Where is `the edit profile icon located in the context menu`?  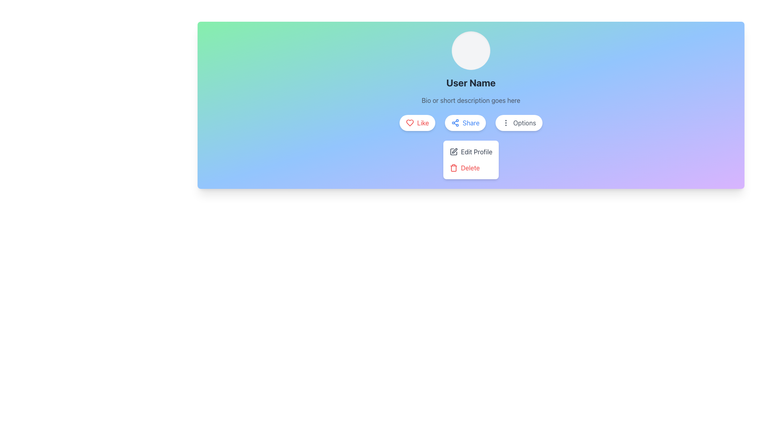 the edit profile icon located in the context menu is located at coordinates (453, 152).